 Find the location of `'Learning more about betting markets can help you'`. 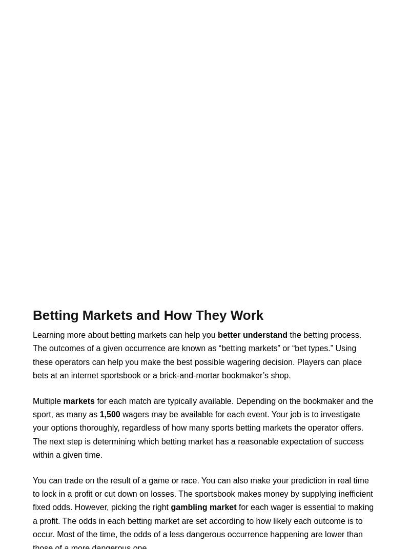

'Learning more about betting markets can help you' is located at coordinates (125, 334).